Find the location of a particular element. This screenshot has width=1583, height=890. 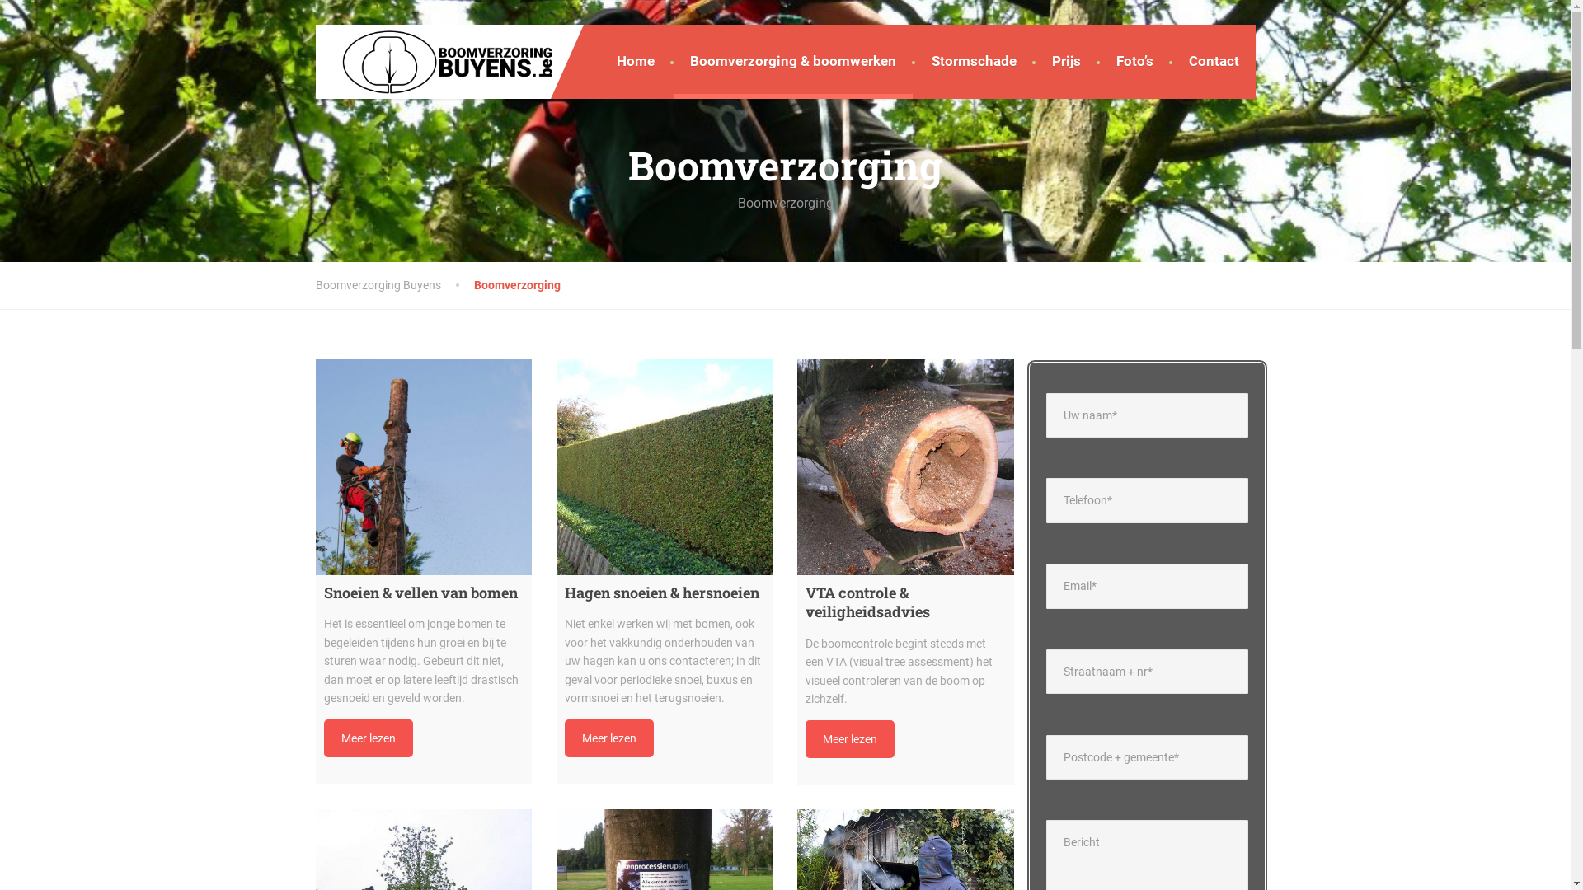

'Boomverzorging & boomwerken' is located at coordinates (791, 60).